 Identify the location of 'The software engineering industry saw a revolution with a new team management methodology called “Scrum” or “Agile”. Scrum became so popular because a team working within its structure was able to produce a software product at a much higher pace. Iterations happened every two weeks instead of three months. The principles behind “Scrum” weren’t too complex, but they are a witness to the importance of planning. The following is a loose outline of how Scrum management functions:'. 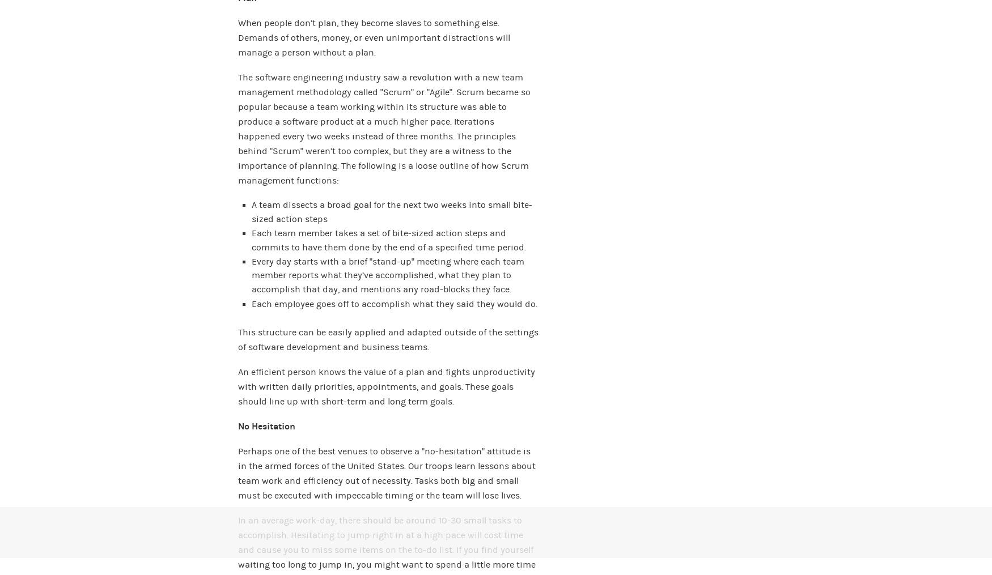
(238, 128).